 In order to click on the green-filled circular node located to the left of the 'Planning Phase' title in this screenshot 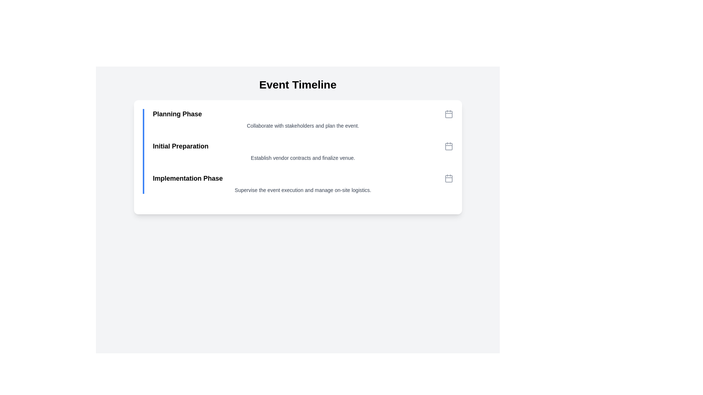, I will do `click(144, 112)`.